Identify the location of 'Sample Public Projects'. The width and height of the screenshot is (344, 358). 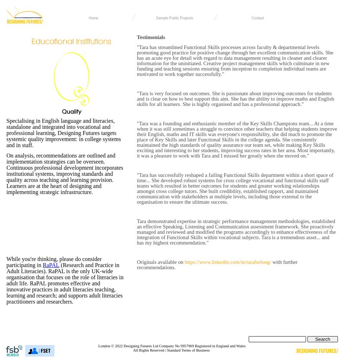
(174, 18).